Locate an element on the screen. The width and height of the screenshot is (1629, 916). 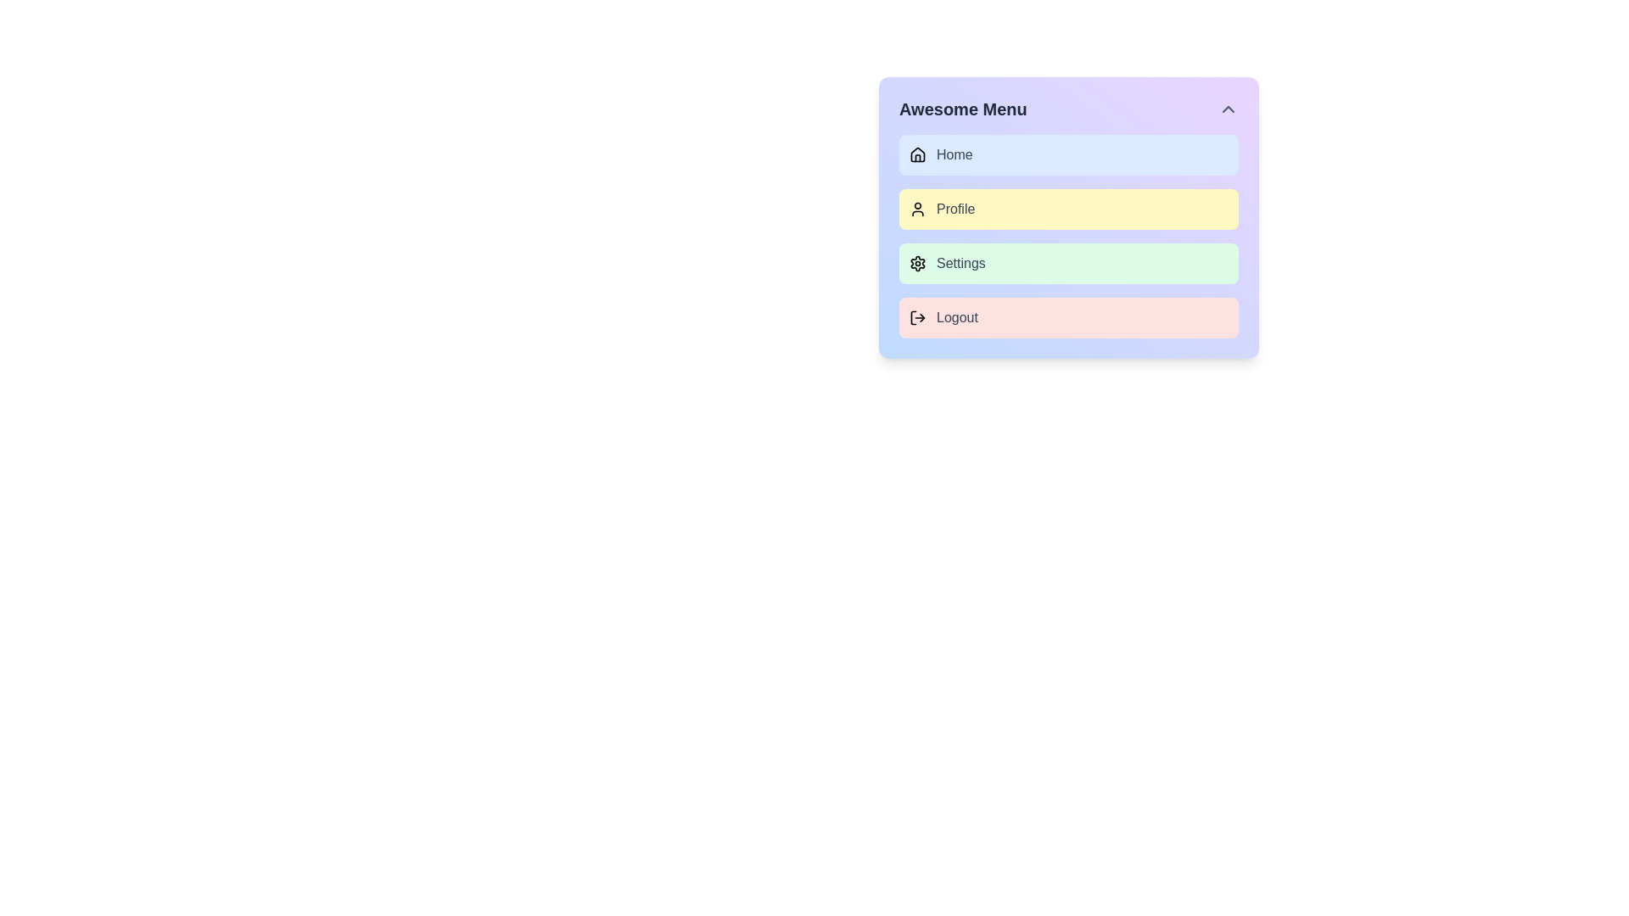
the 'Settings' button, which is the third item in a vertical list of navigation options, positioned between 'Profile' and 'Logout' is located at coordinates (1067, 264).